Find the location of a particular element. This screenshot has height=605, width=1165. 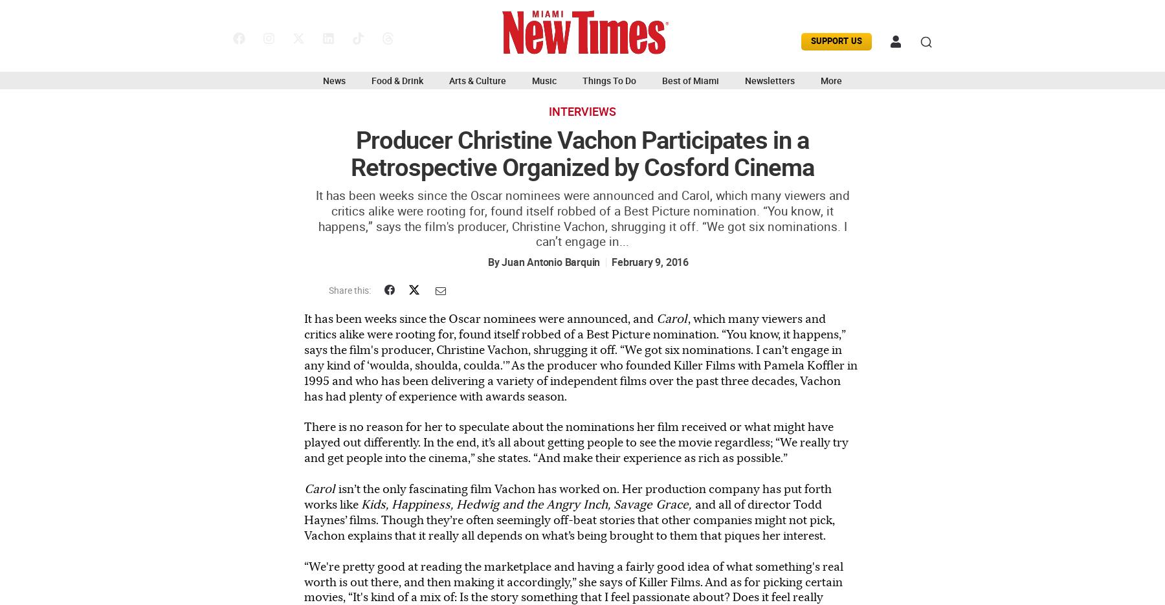

'and all of director Todd Haynes’ films. Though they’re often seemingly off-beat stories that other companies might not pick, Vachon explains that it really all depends on what’s being brought to them that piques her interest.' is located at coordinates (303, 518).